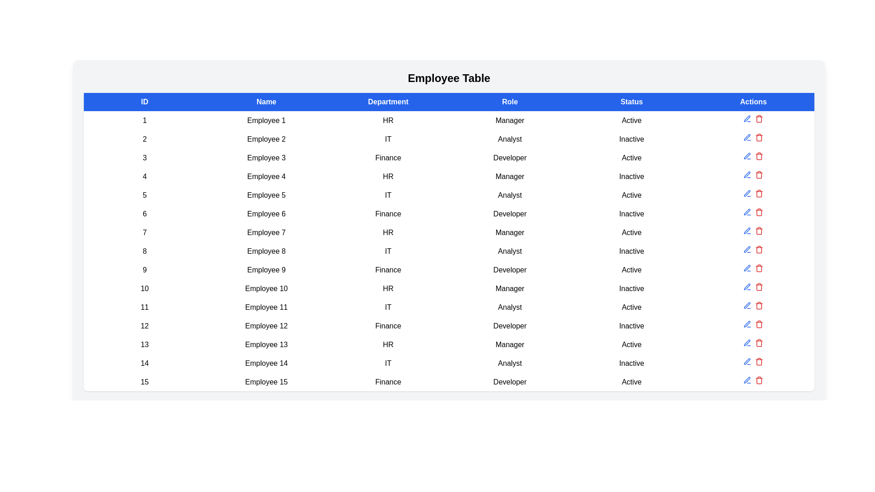 The image size is (875, 492). What do you see at coordinates (631, 102) in the screenshot?
I see `the column header labeled 'Status' to sort the table rows by that column` at bounding box center [631, 102].